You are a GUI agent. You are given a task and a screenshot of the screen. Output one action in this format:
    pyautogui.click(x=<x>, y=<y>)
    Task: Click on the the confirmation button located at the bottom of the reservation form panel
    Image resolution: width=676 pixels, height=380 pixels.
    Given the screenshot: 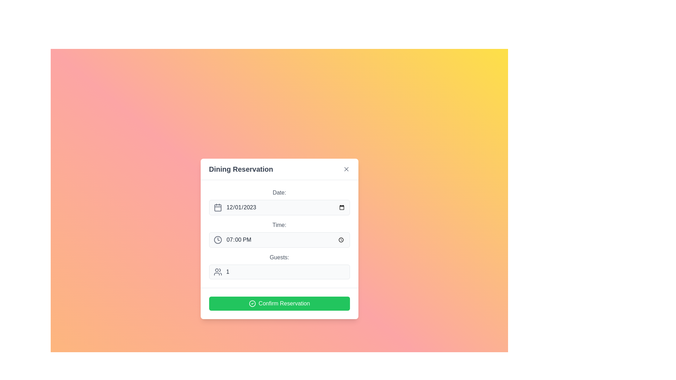 What is the action you would take?
    pyautogui.click(x=279, y=303)
    